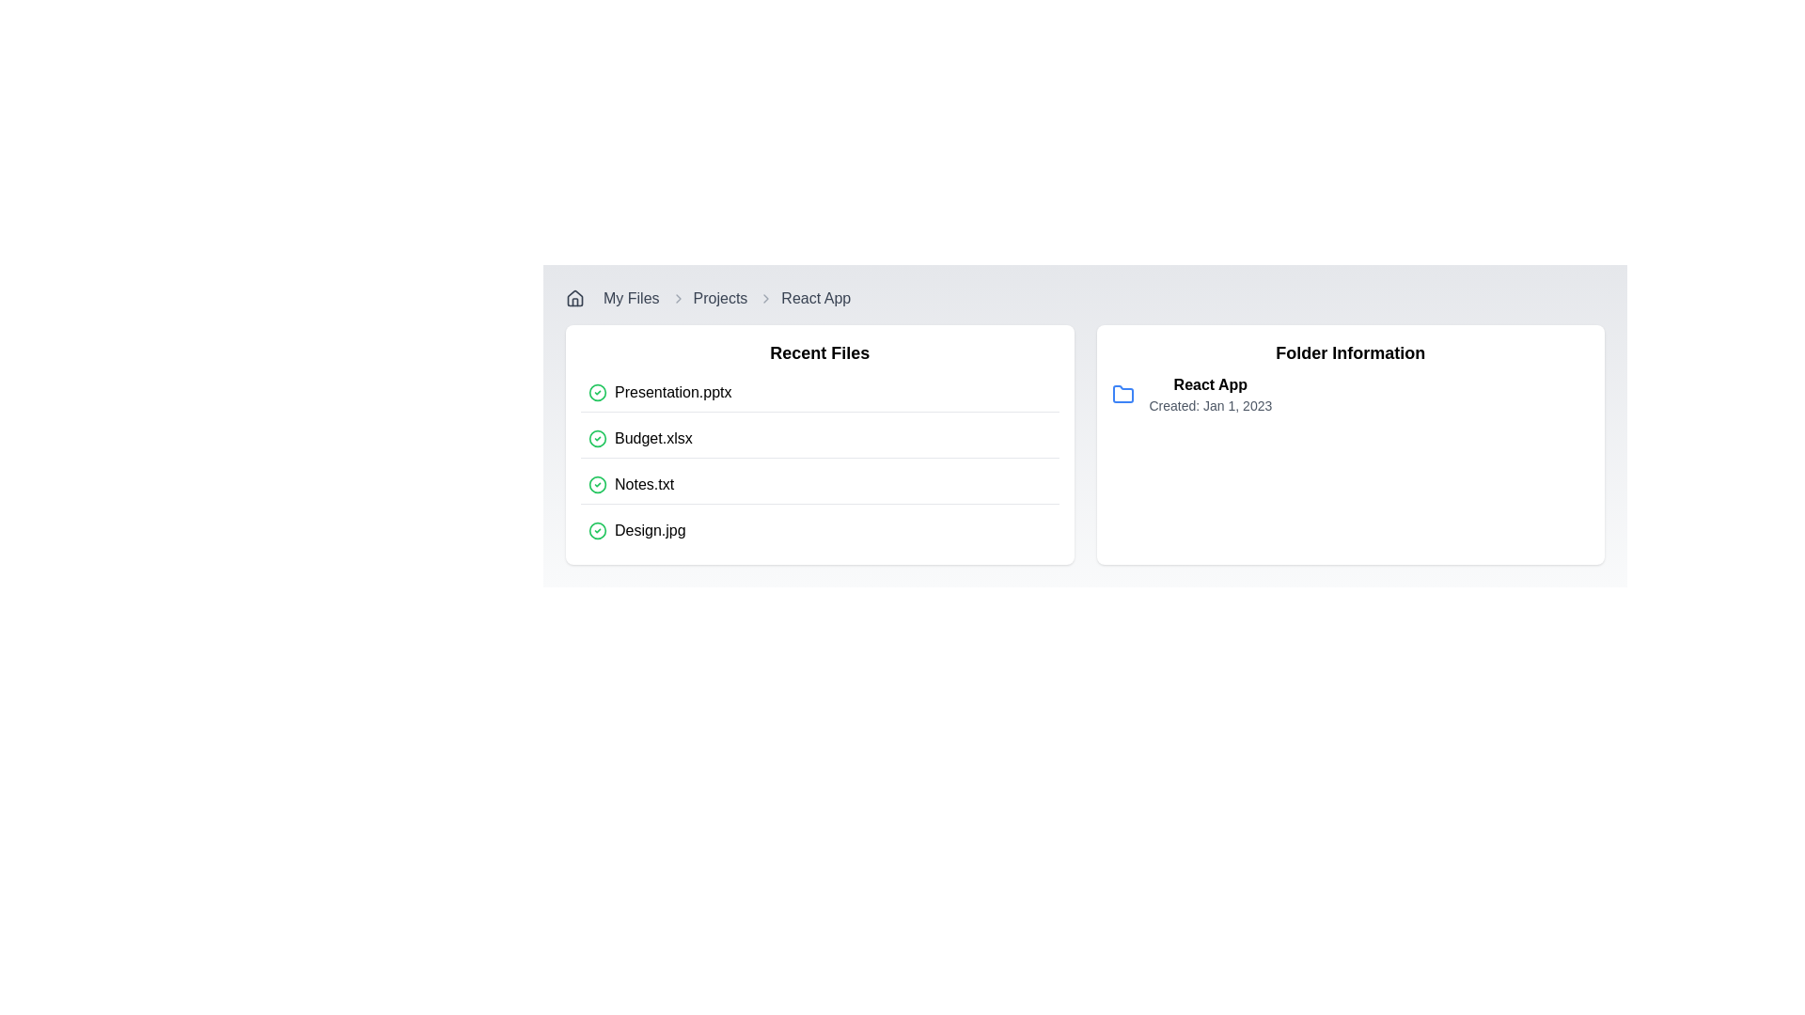 Image resolution: width=1805 pixels, height=1015 pixels. Describe the element at coordinates (719, 297) in the screenshot. I see `the 'Projects' text-link in the breadcrumb navigation` at that location.